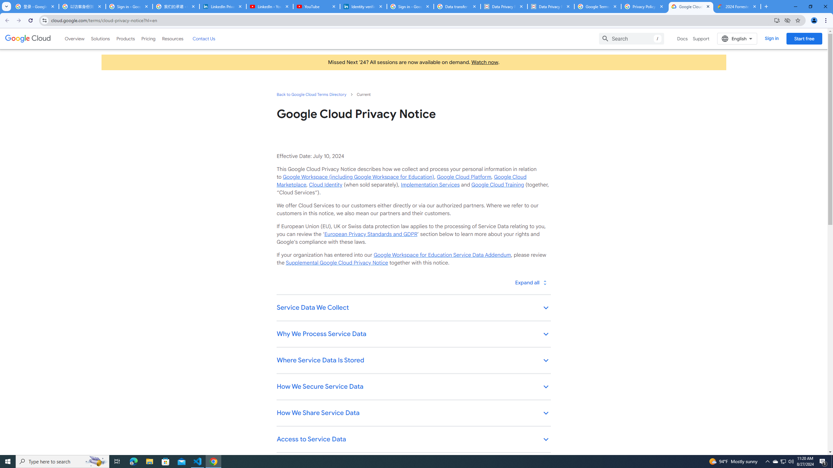 The height and width of the screenshot is (468, 833). What do you see at coordinates (363, 6) in the screenshot?
I see `'Identity verification via Persona | LinkedIn Help'` at bounding box center [363, 6].